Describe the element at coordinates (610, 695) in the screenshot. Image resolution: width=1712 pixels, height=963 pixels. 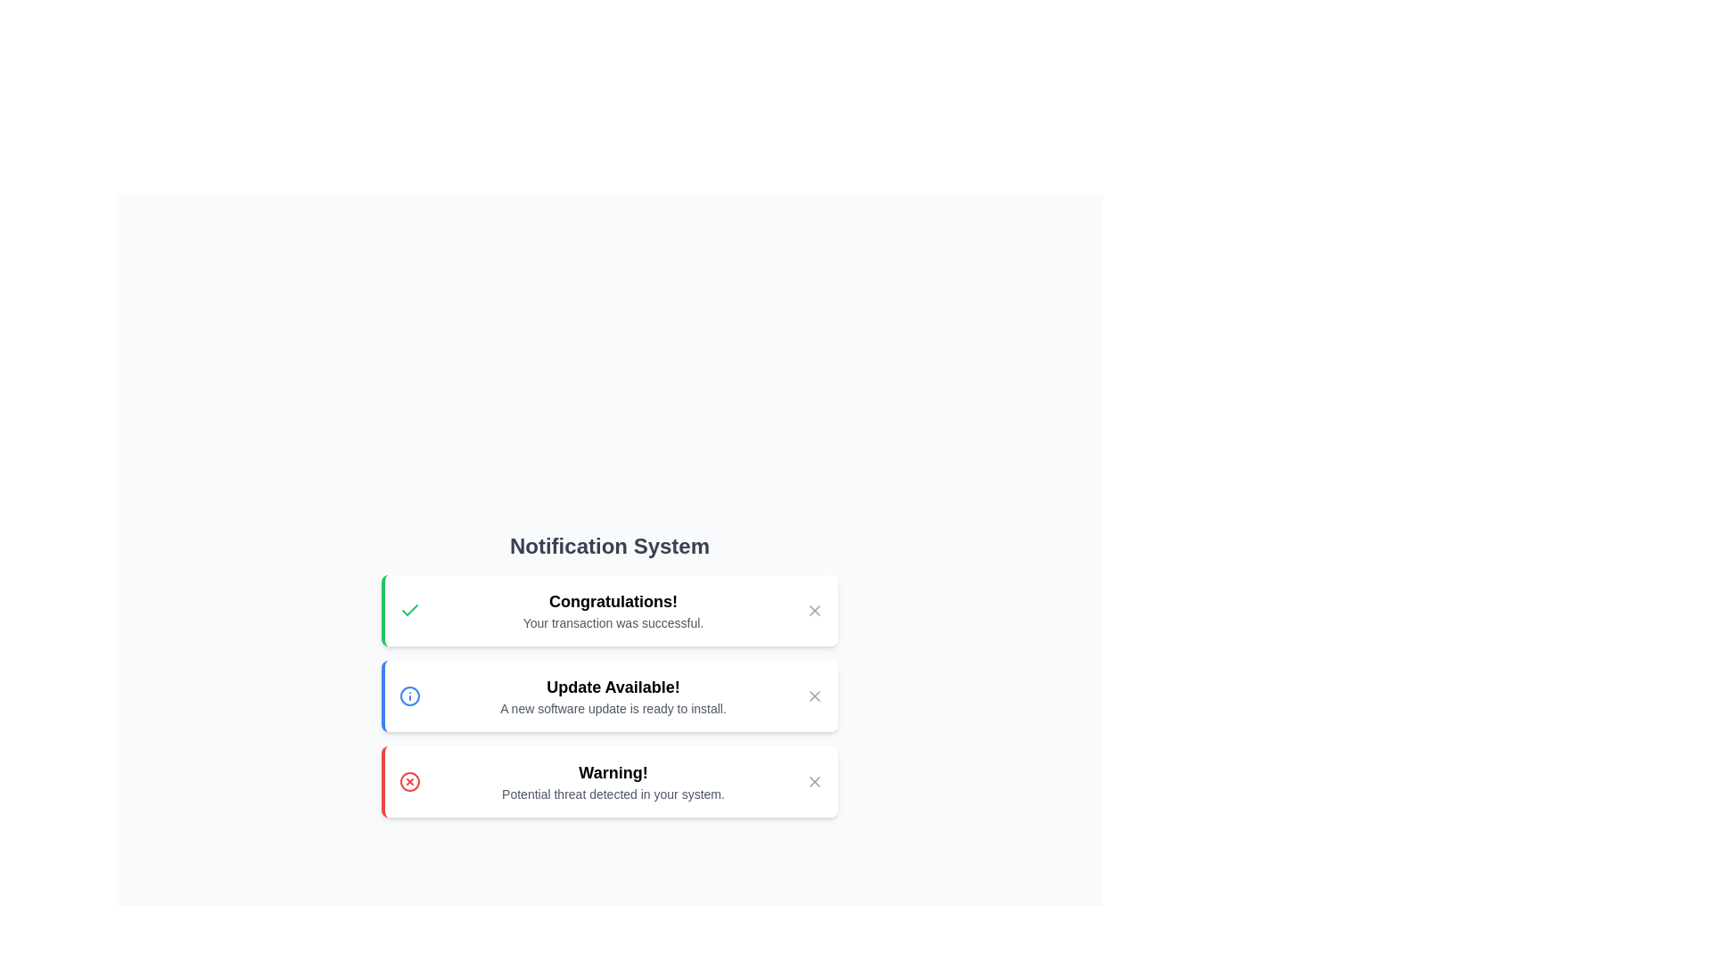
I see `text of the Notification Card that notifies the user about an available software update, which is the second notification in a vertical list of three notifications` at that location.